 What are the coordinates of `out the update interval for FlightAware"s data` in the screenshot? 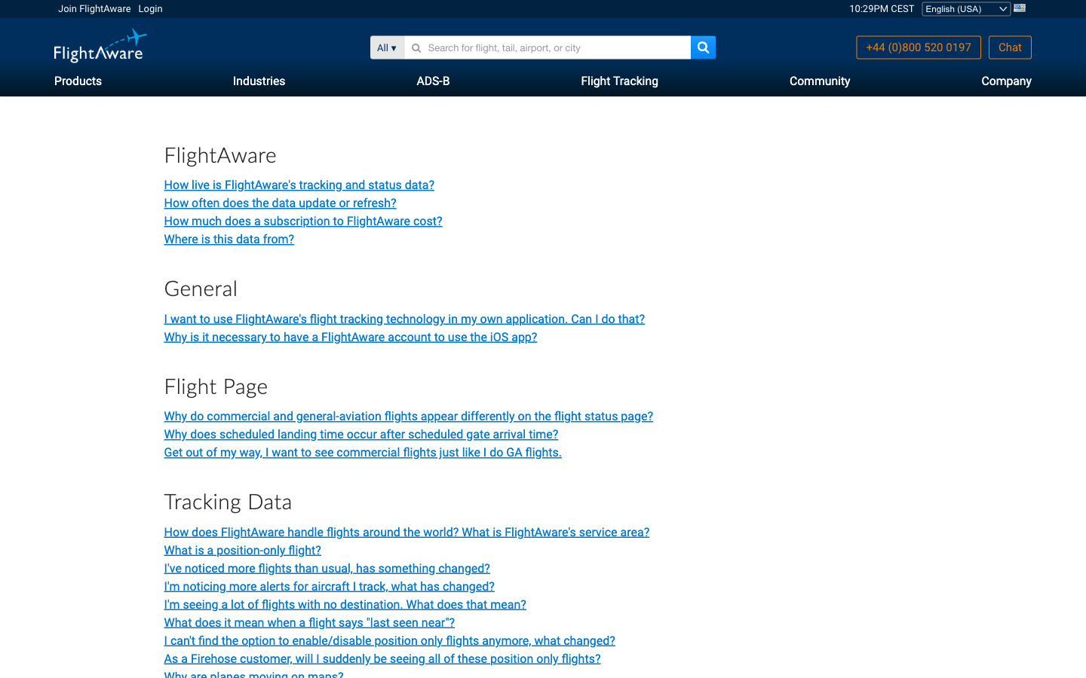 It's located at (279, 202).